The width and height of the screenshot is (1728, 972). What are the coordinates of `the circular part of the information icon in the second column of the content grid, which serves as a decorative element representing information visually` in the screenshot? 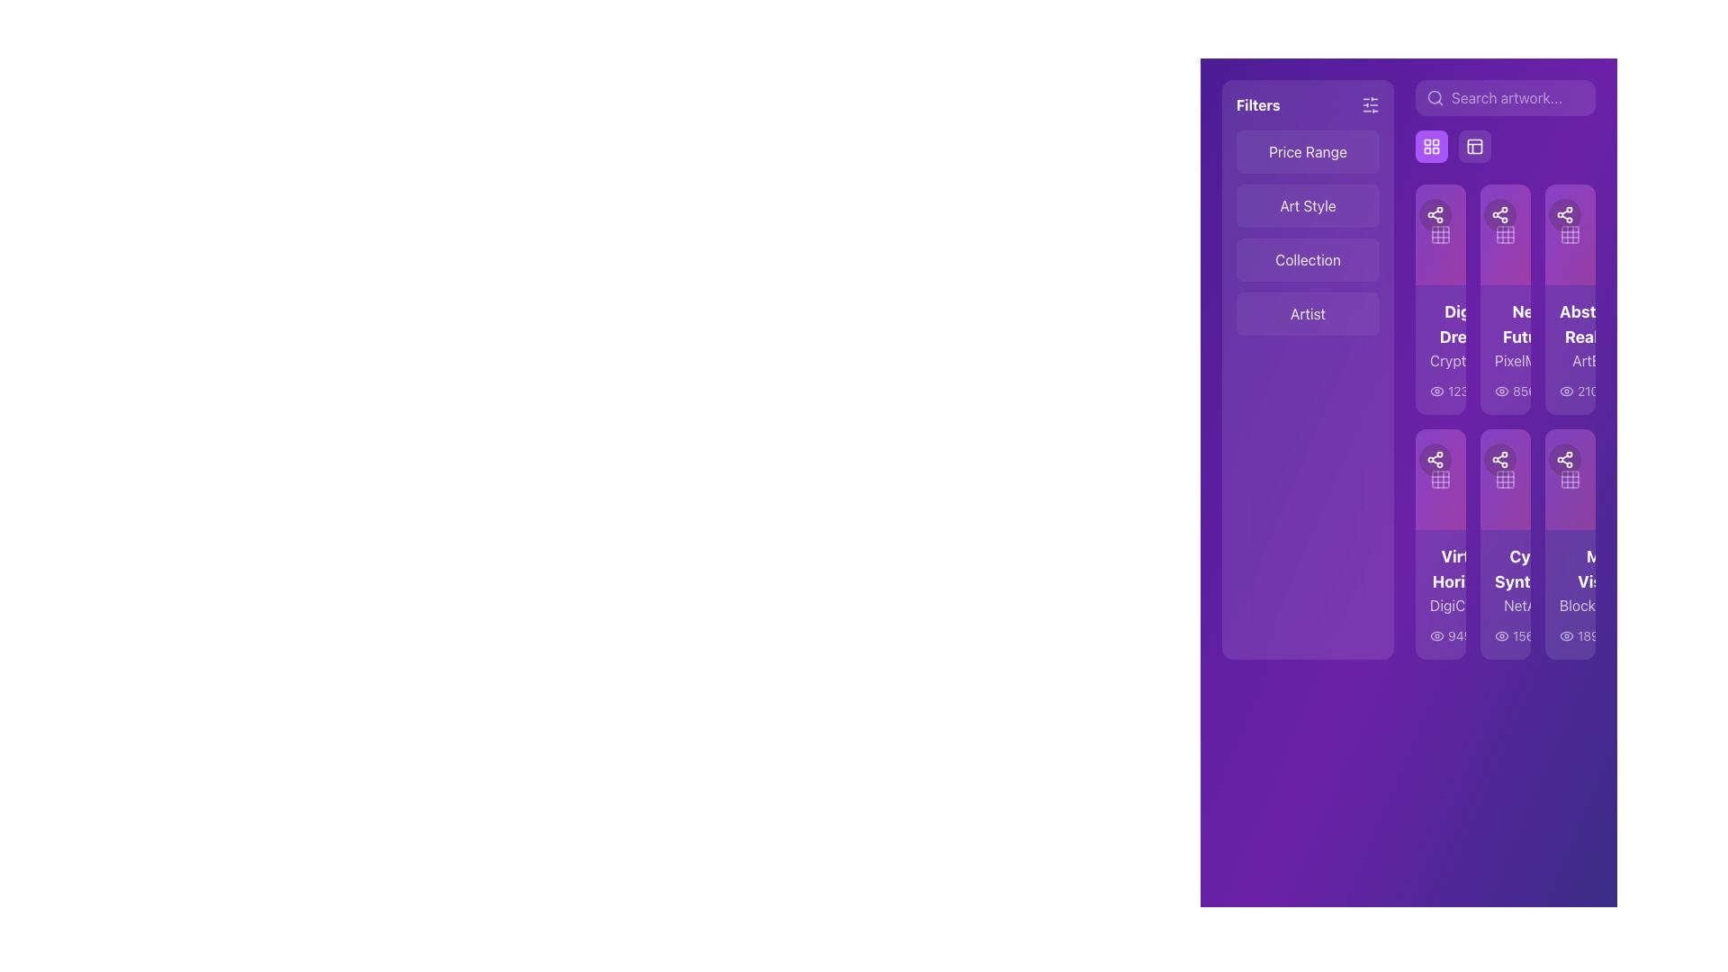 It's located at (1516, 391).